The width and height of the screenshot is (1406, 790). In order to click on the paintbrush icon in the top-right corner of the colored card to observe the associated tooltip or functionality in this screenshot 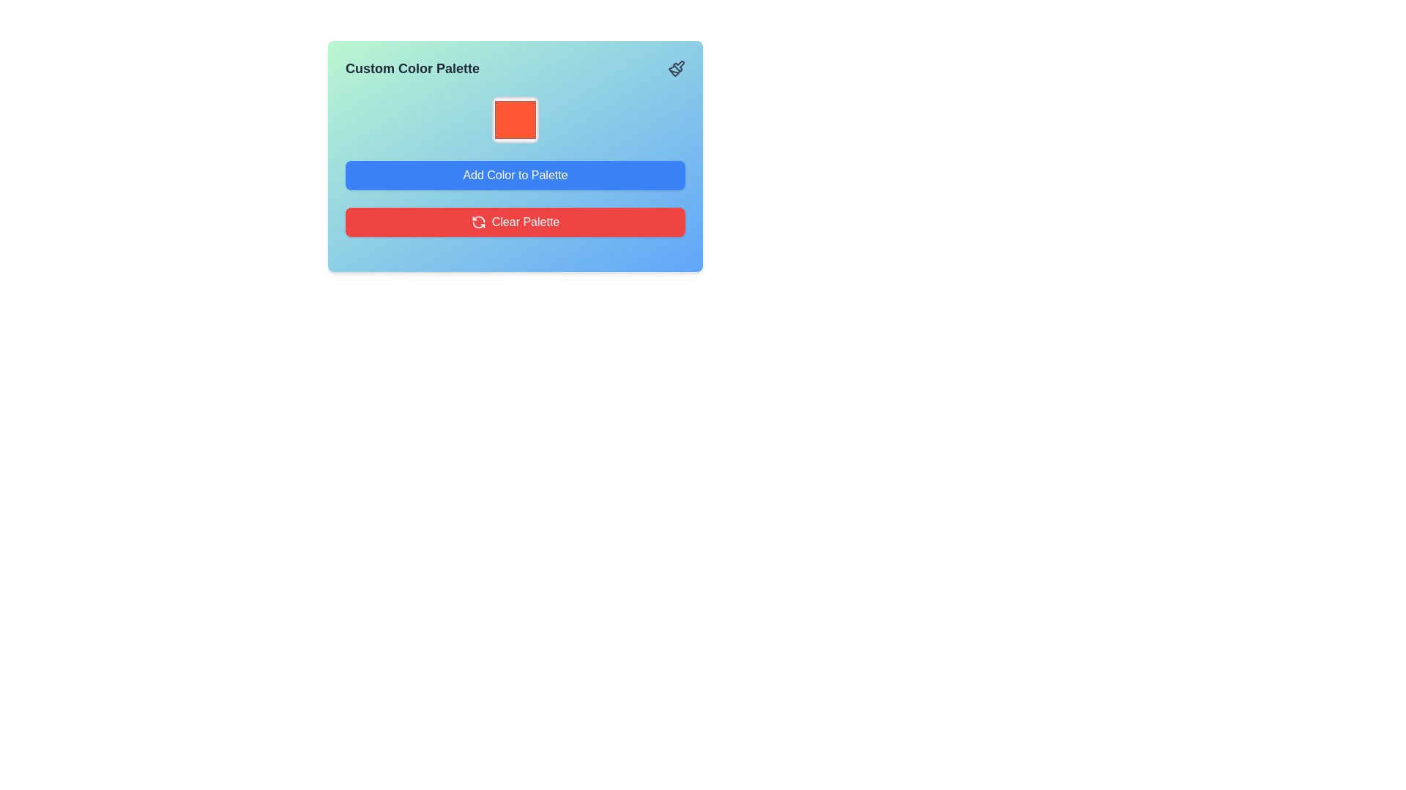, I will do `click(678, 66)`.